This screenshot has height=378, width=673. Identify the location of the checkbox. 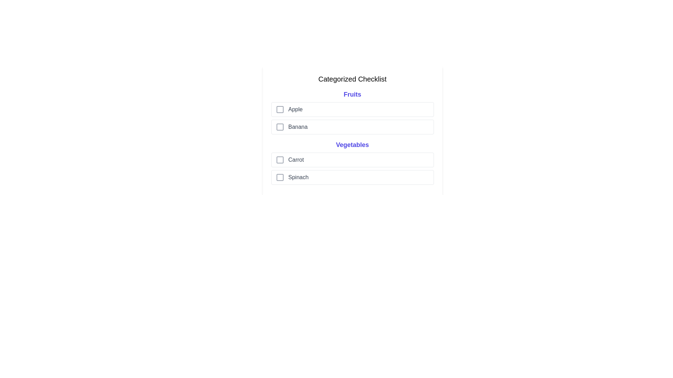
(352, 127).